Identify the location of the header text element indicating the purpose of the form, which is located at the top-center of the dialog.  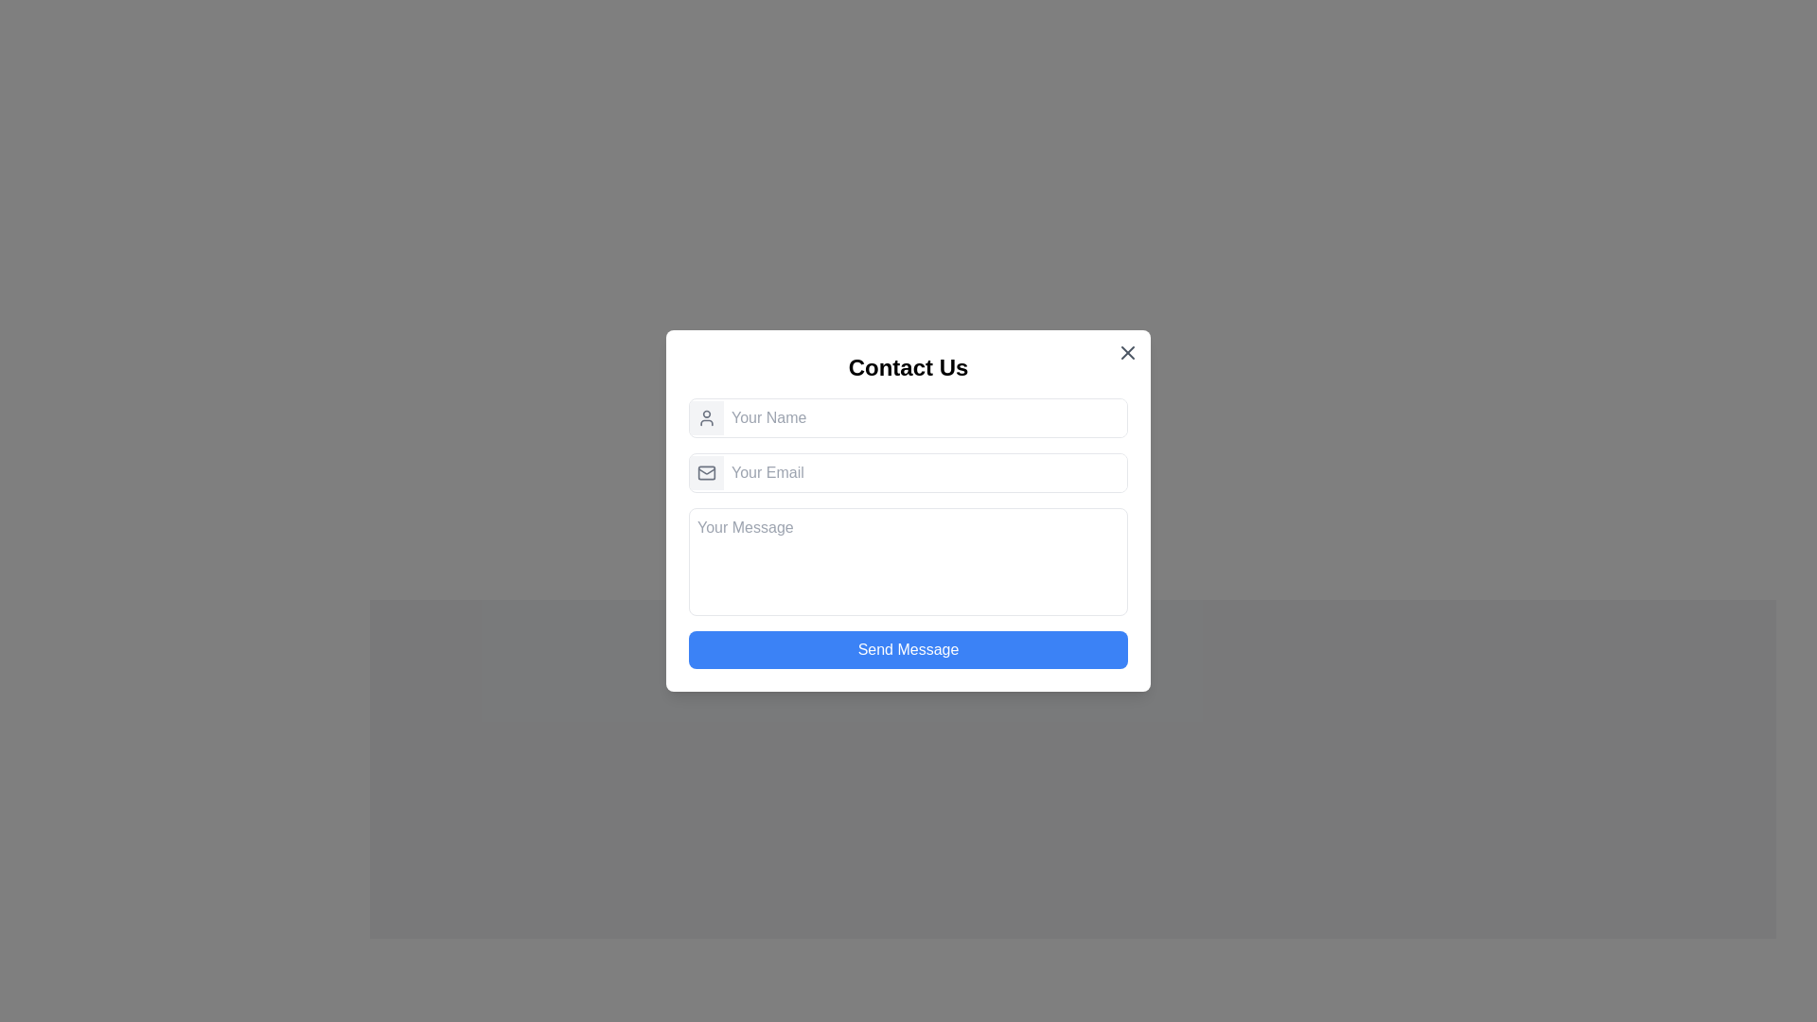
(908, 368).